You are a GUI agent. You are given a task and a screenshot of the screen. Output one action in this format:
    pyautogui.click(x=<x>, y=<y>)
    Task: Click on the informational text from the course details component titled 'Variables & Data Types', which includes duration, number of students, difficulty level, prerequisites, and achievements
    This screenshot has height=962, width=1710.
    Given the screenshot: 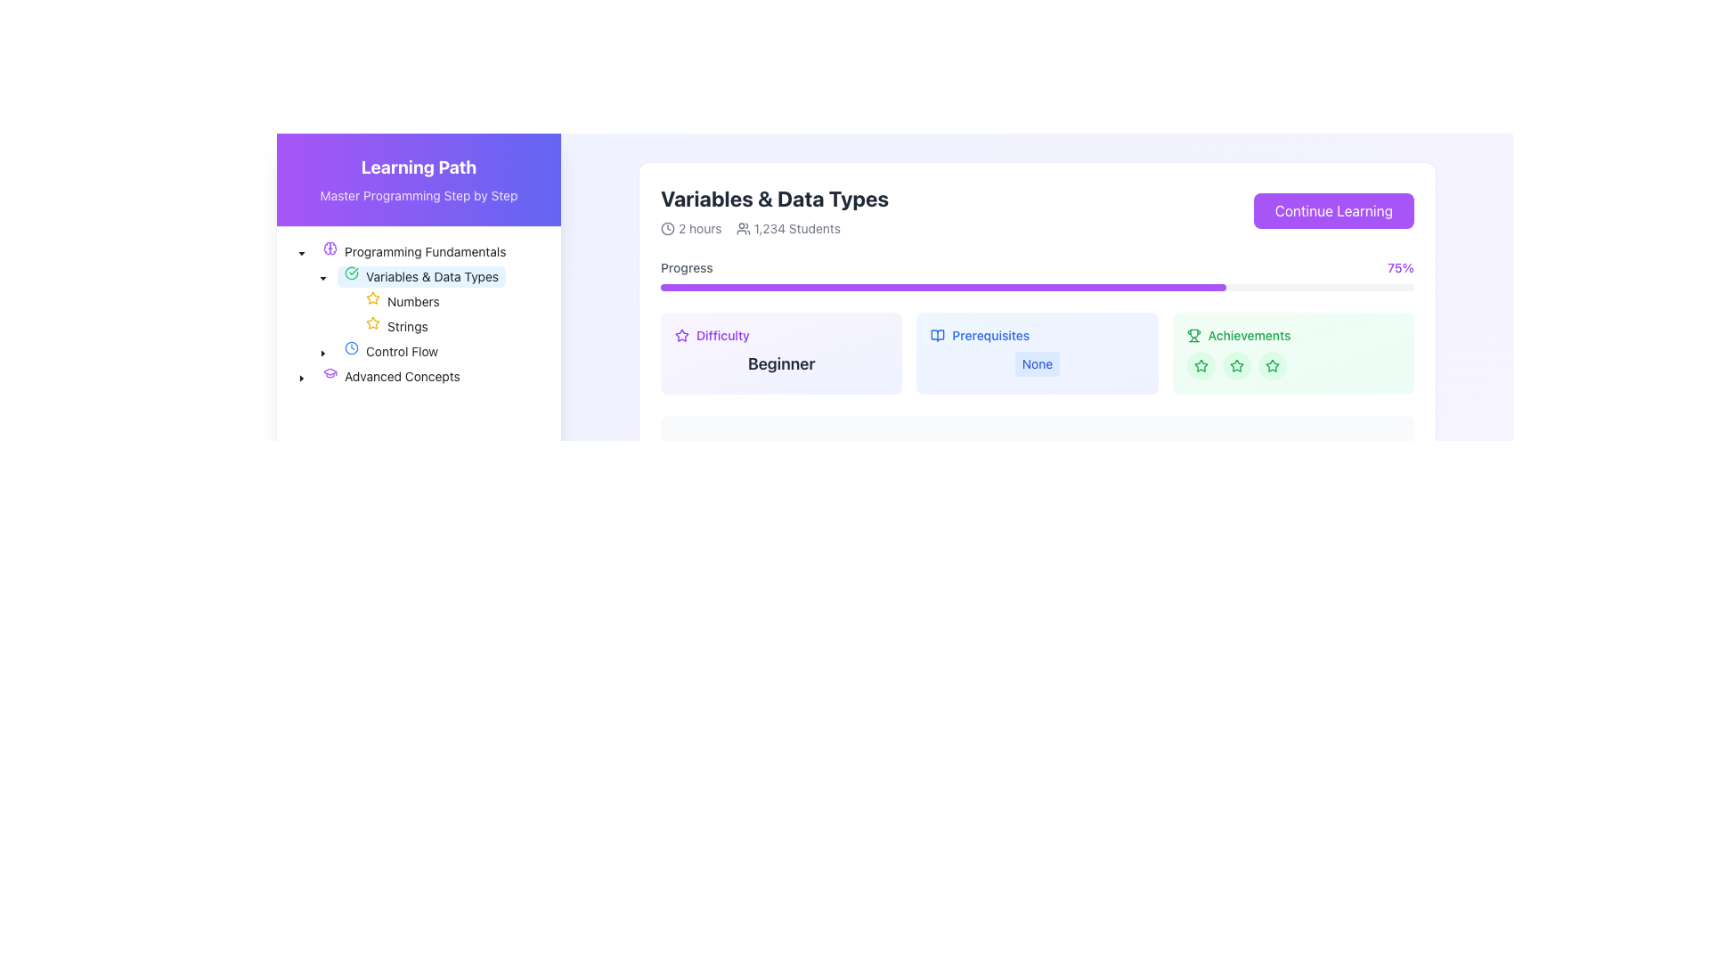 What is the action you would take?
    pyautogui.click(x=1038, y=369)
    